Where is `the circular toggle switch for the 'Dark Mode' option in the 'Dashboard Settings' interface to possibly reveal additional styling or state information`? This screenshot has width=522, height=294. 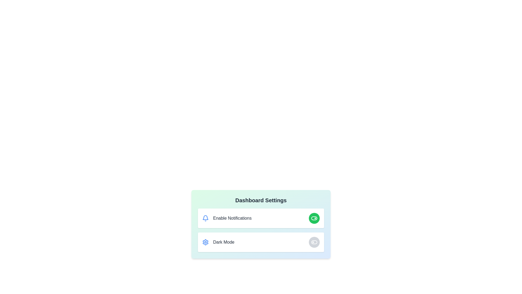
the circular toggle switch for the 'Dark Mode' option in the 'Dashboard Settings' interface to possibly reveal additional styling or state information is located at coordinates (314, 242).